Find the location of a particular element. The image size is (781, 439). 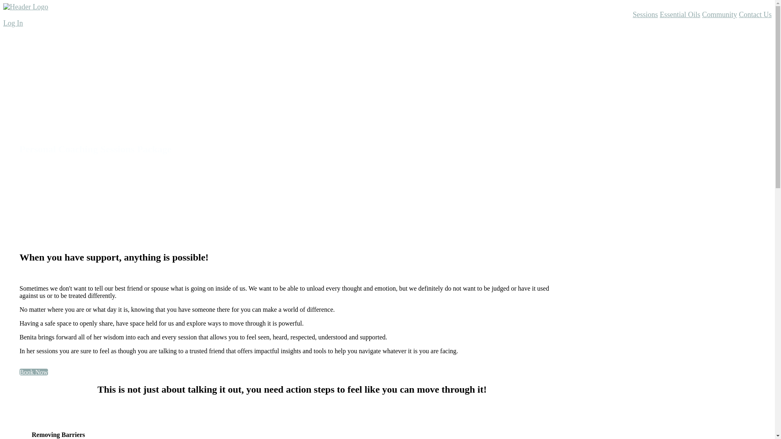

'Community' is located at coordinates (702, 14).